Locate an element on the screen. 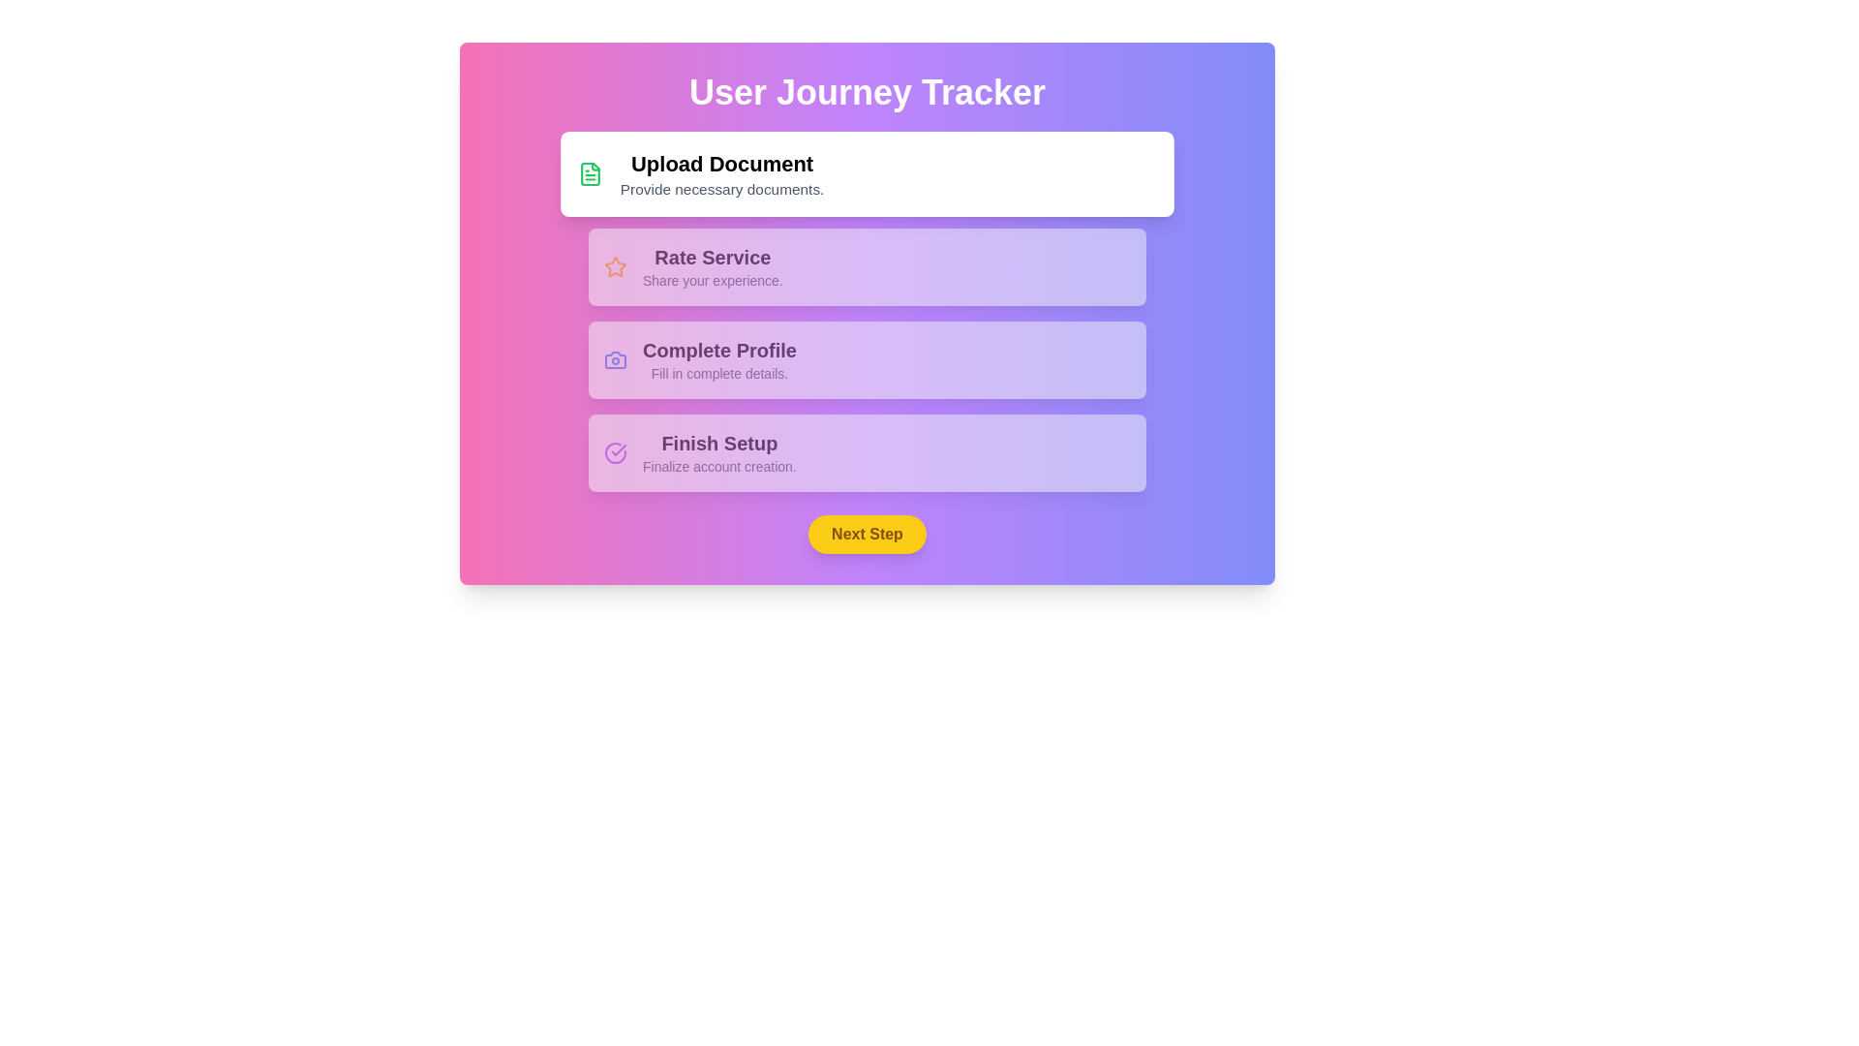 The width and height of the screenshot is (1859, 1046). text in the header section of the second card, which invites users to rate the service and share their experience is located at coordinates (712, 267).